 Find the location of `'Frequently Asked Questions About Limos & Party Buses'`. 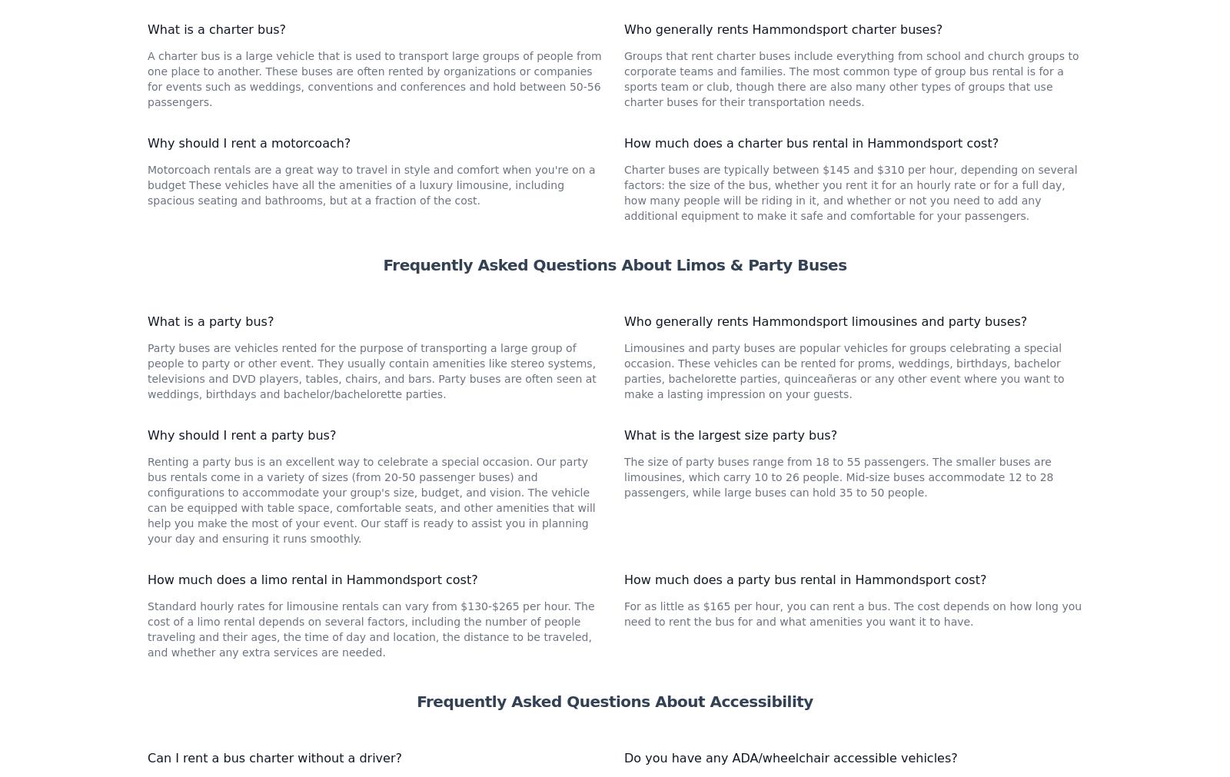

'Frequently Asked Questions About Limos & Party Buses' is located at coordinates (614, 470).